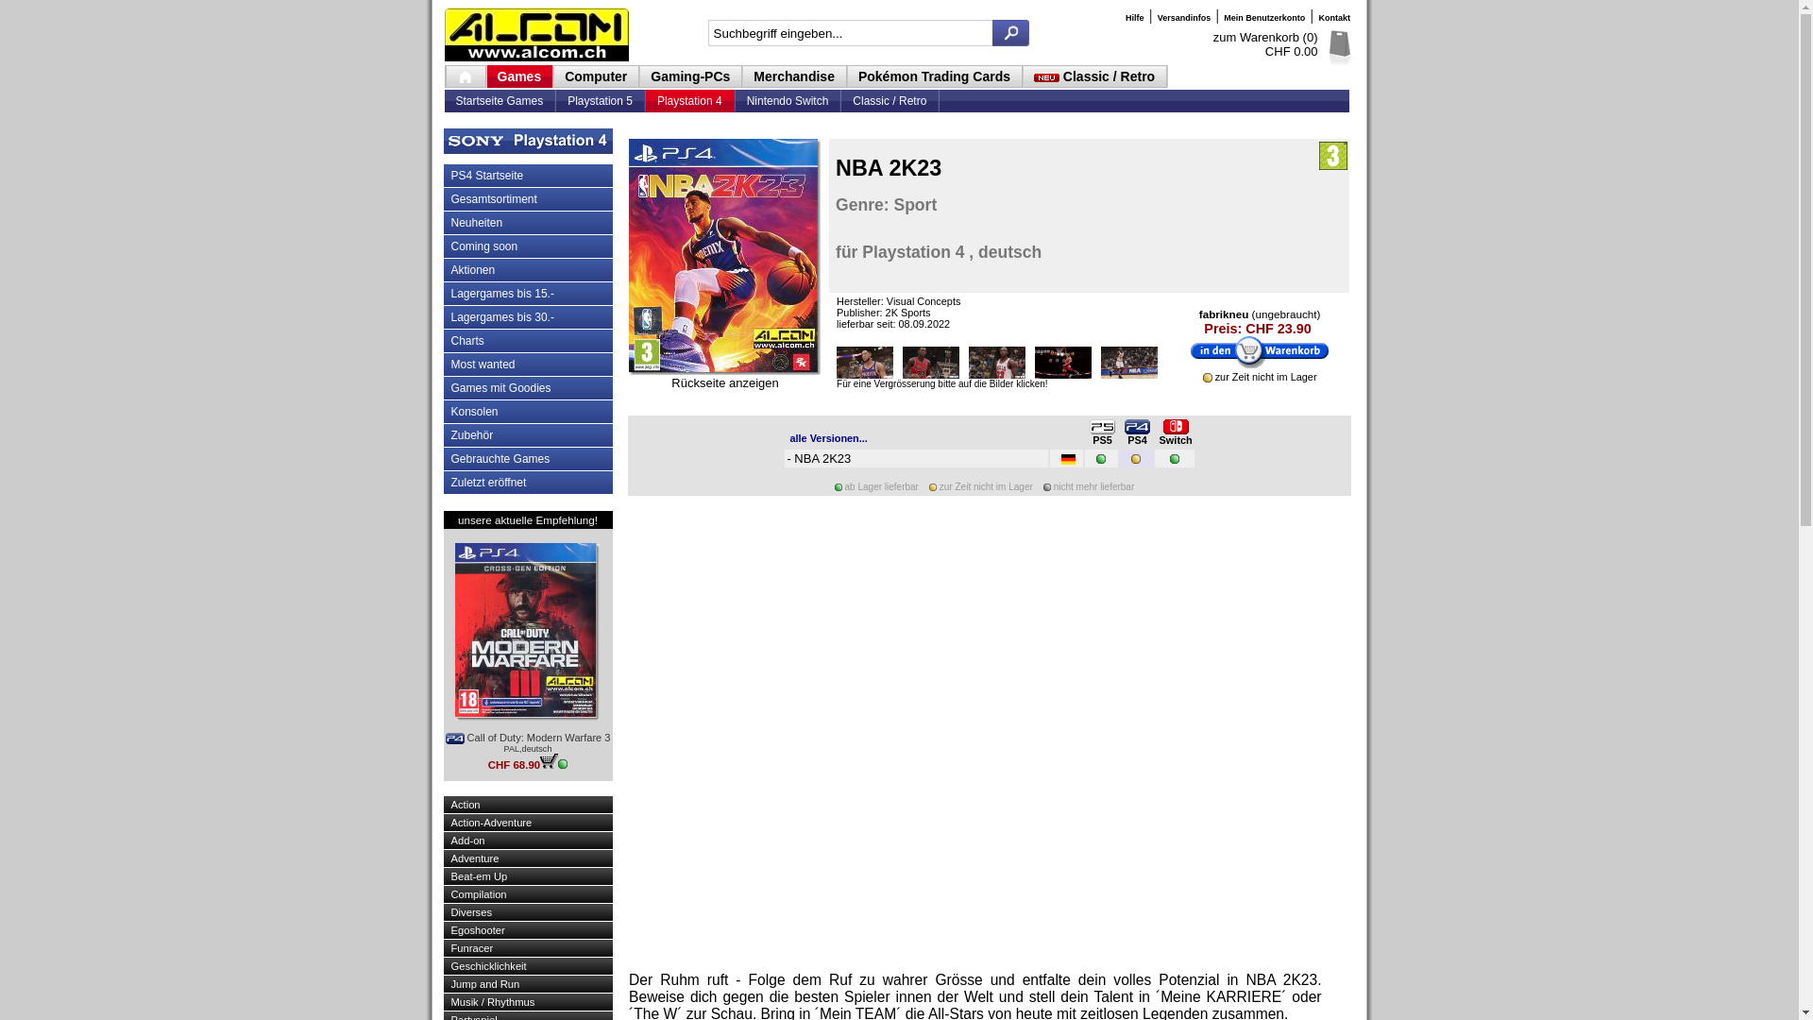  I want to click on 'PS4 Startseite', so click(528, 175).